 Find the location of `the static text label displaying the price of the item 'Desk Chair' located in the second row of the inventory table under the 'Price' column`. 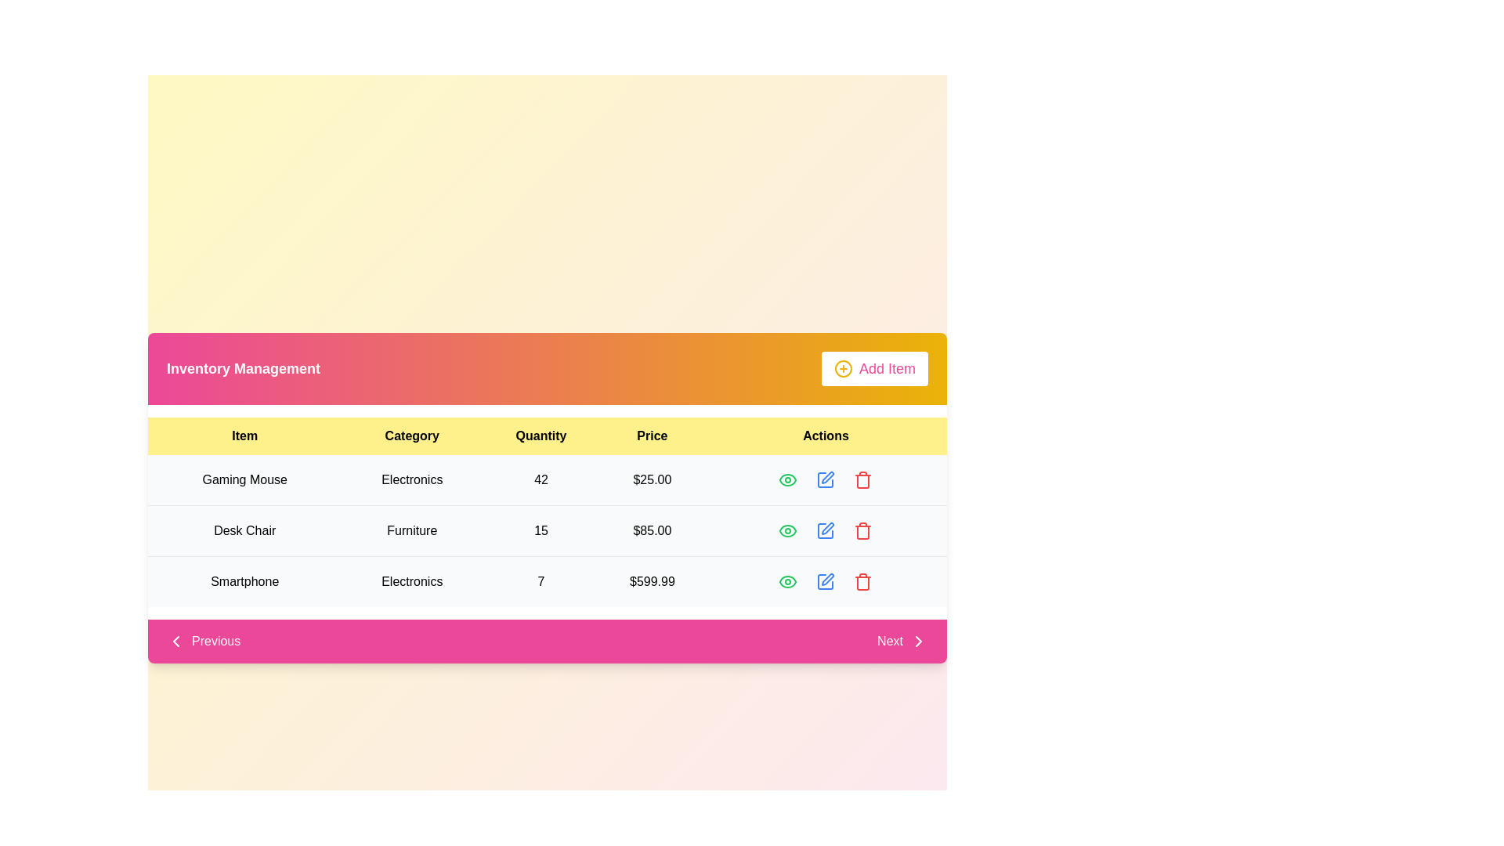

the static text label displaying the price of the item 'Desk Chair' located in the second row of the inventory table under the 'Price' column is located at coordinates (652, 530).